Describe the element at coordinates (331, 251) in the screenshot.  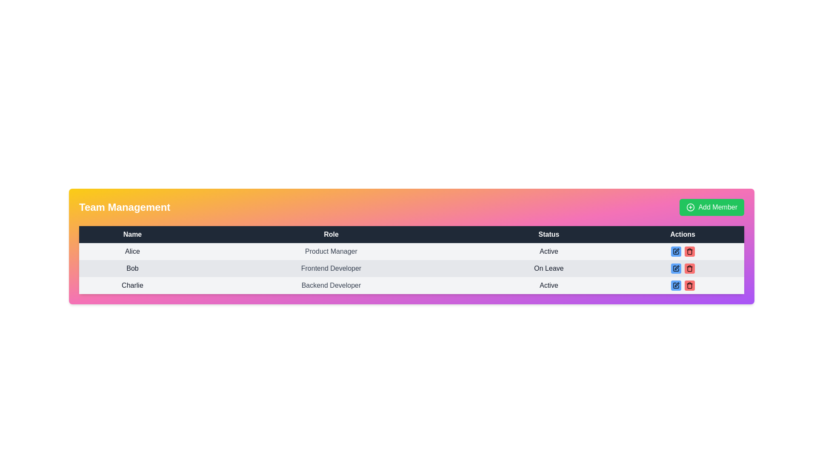
I see `the text element displaying 'Product Manager' located in the second column under the 'Role' header of the table` at that location.